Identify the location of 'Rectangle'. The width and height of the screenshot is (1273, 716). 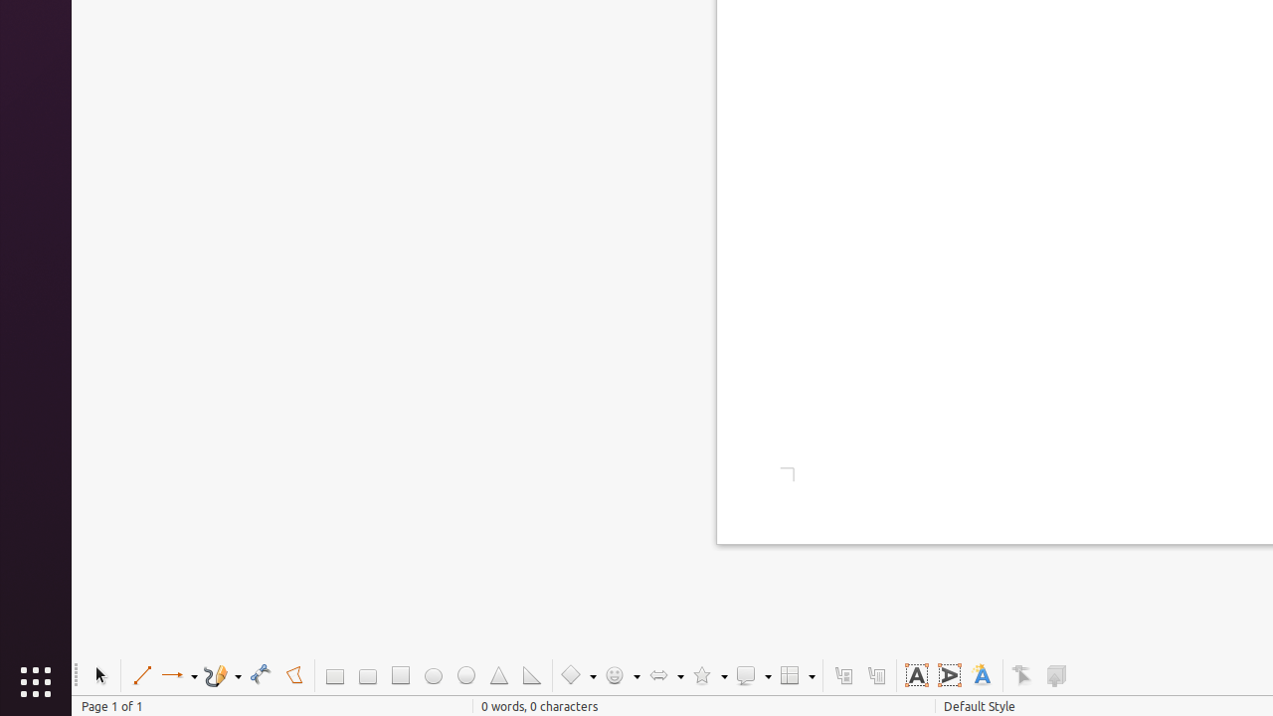
(334, 674).